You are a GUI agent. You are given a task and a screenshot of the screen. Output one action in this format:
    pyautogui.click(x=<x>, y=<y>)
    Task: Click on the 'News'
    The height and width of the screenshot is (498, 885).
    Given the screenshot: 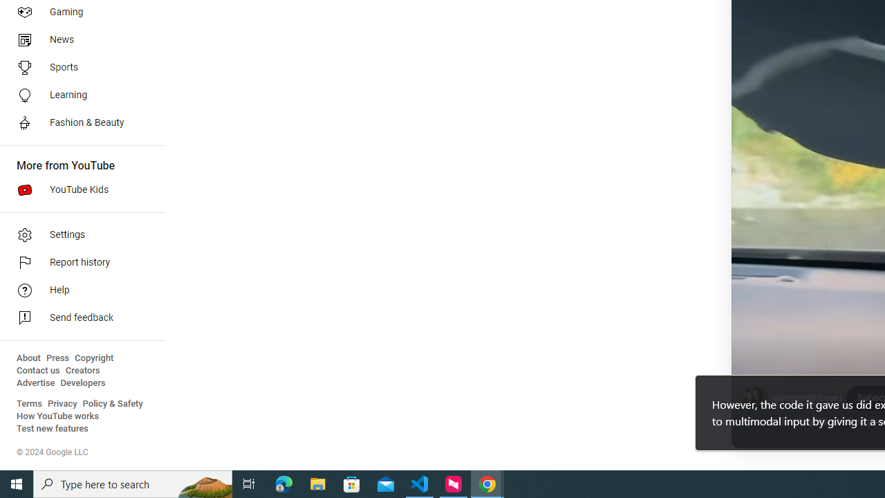 What is the action you would take?
    pyautogui.click(x=77, y=39)
    